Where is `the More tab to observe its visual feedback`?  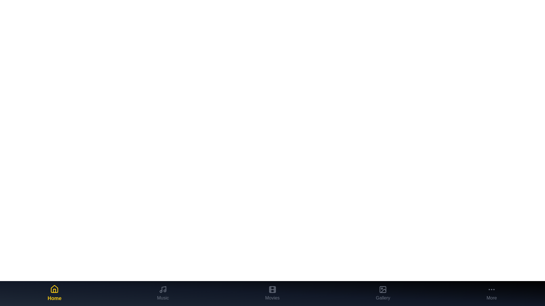
the More tab to observe its visual feedback is located at coordinates (491, 293).